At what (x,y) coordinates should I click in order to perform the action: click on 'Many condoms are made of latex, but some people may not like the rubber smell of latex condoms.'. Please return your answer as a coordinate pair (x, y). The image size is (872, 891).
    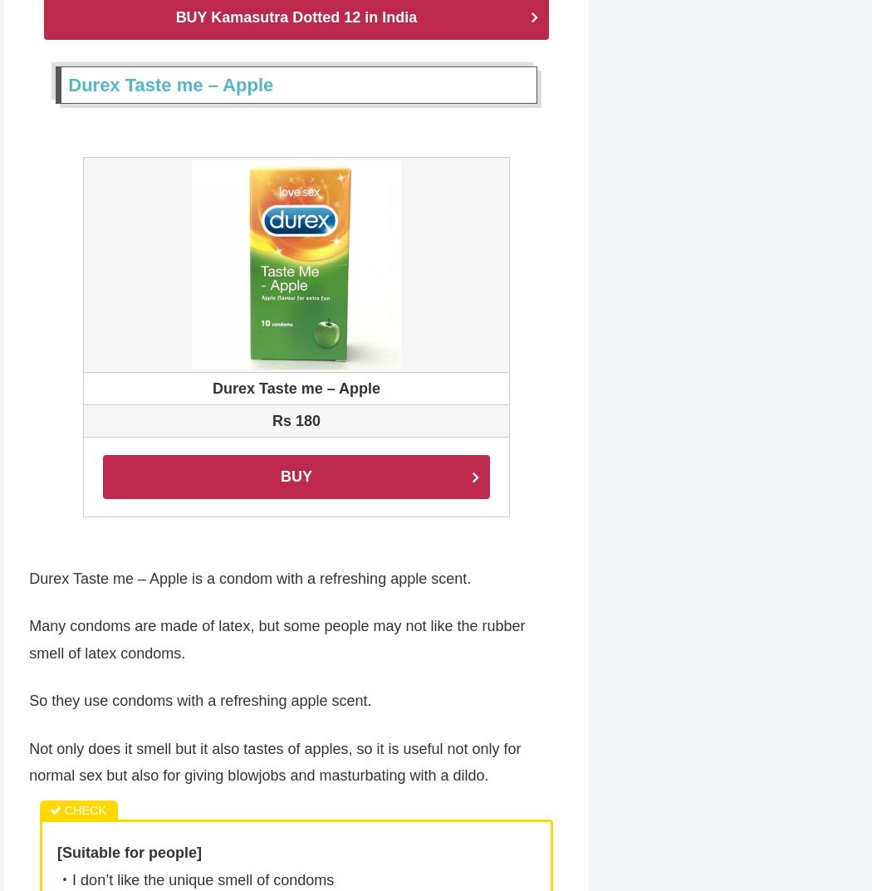
    Looking at the image, I should click on (28, 640).